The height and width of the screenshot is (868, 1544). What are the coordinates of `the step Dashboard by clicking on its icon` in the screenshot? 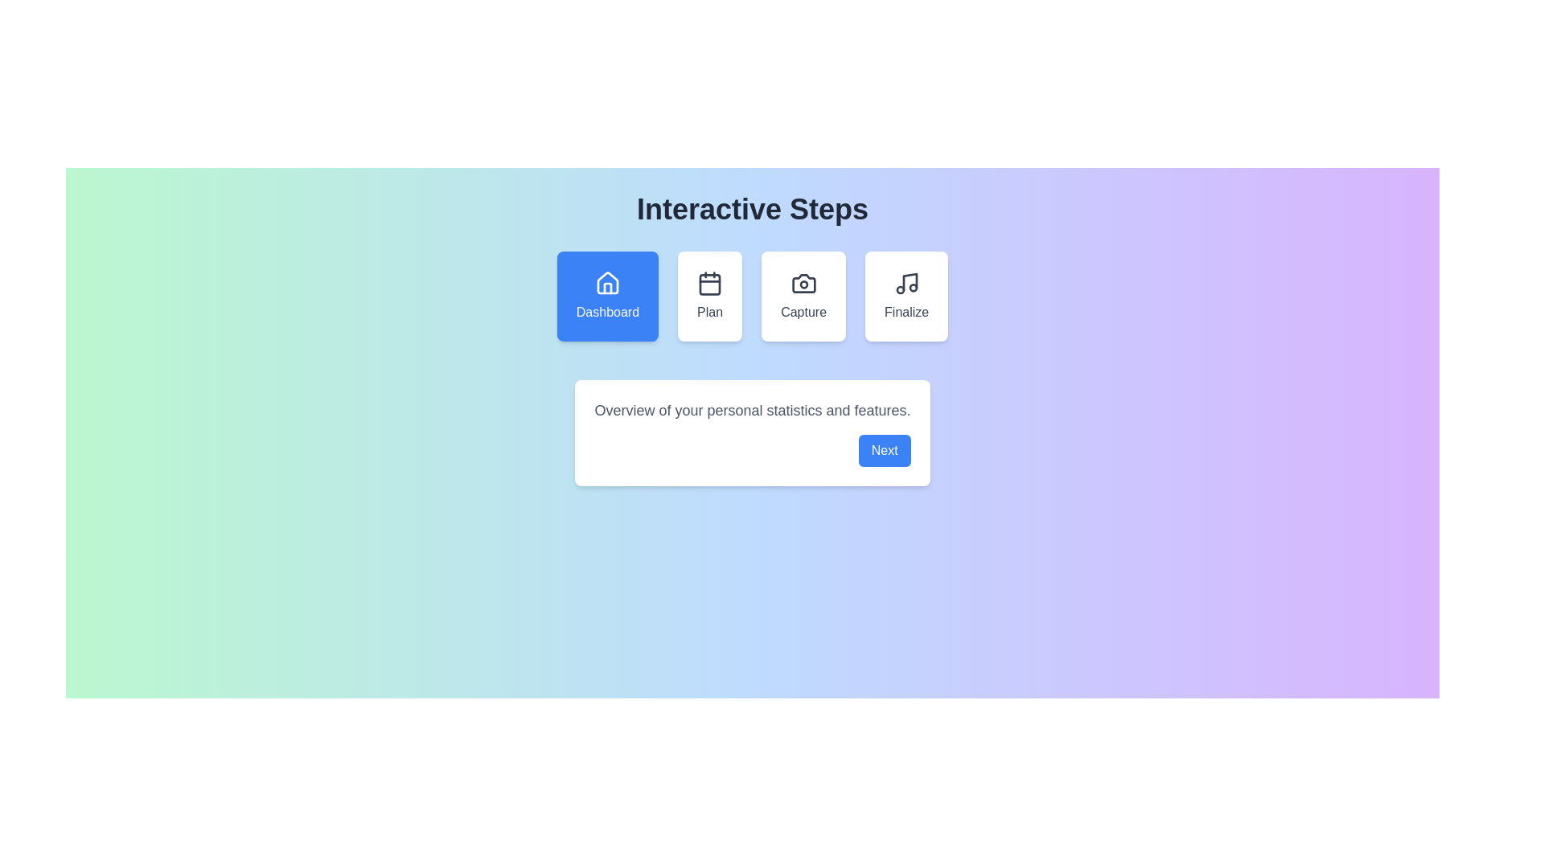 It's located at (606, 297).